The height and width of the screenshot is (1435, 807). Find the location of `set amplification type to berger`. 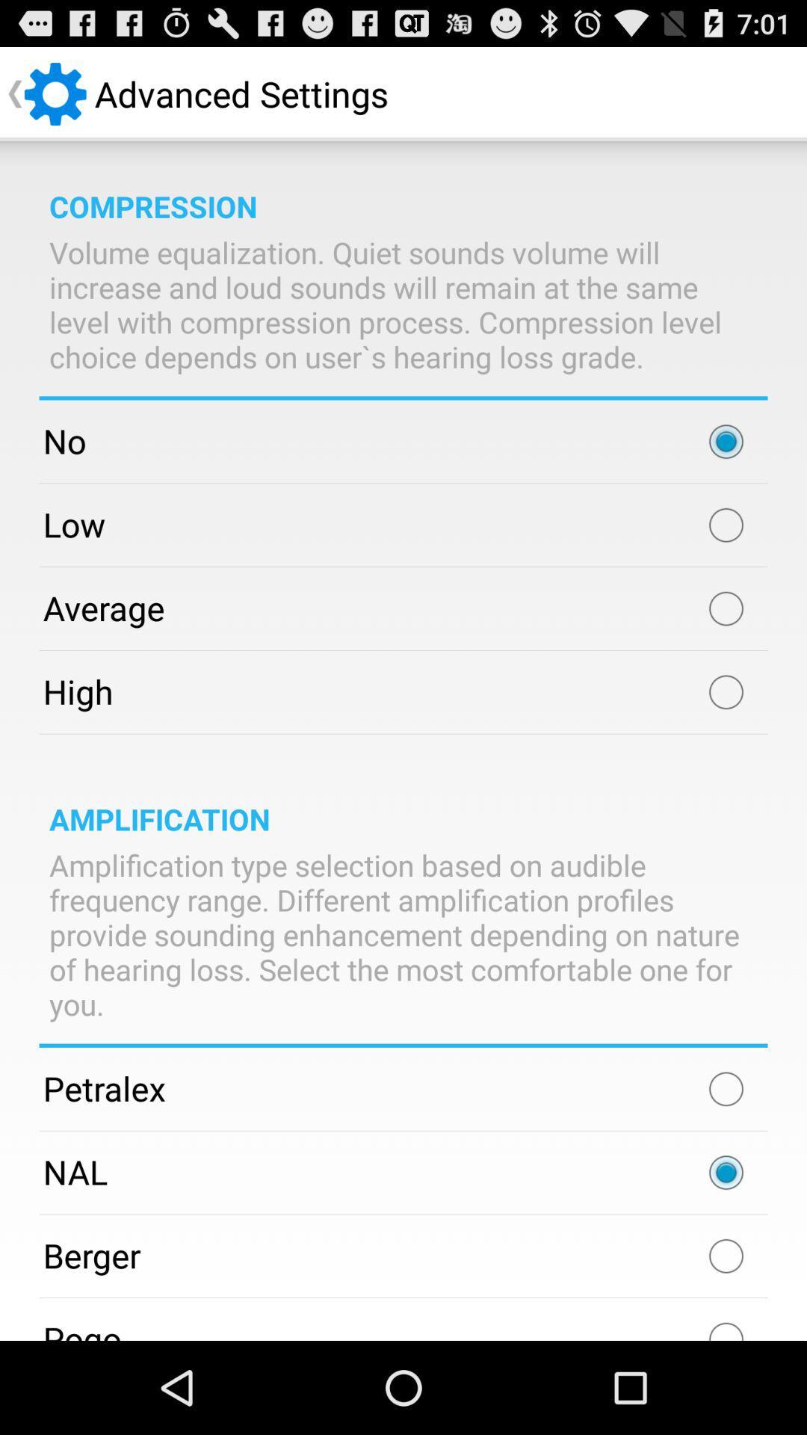

set amplification type to berger is located at coordinates (726, 1256).